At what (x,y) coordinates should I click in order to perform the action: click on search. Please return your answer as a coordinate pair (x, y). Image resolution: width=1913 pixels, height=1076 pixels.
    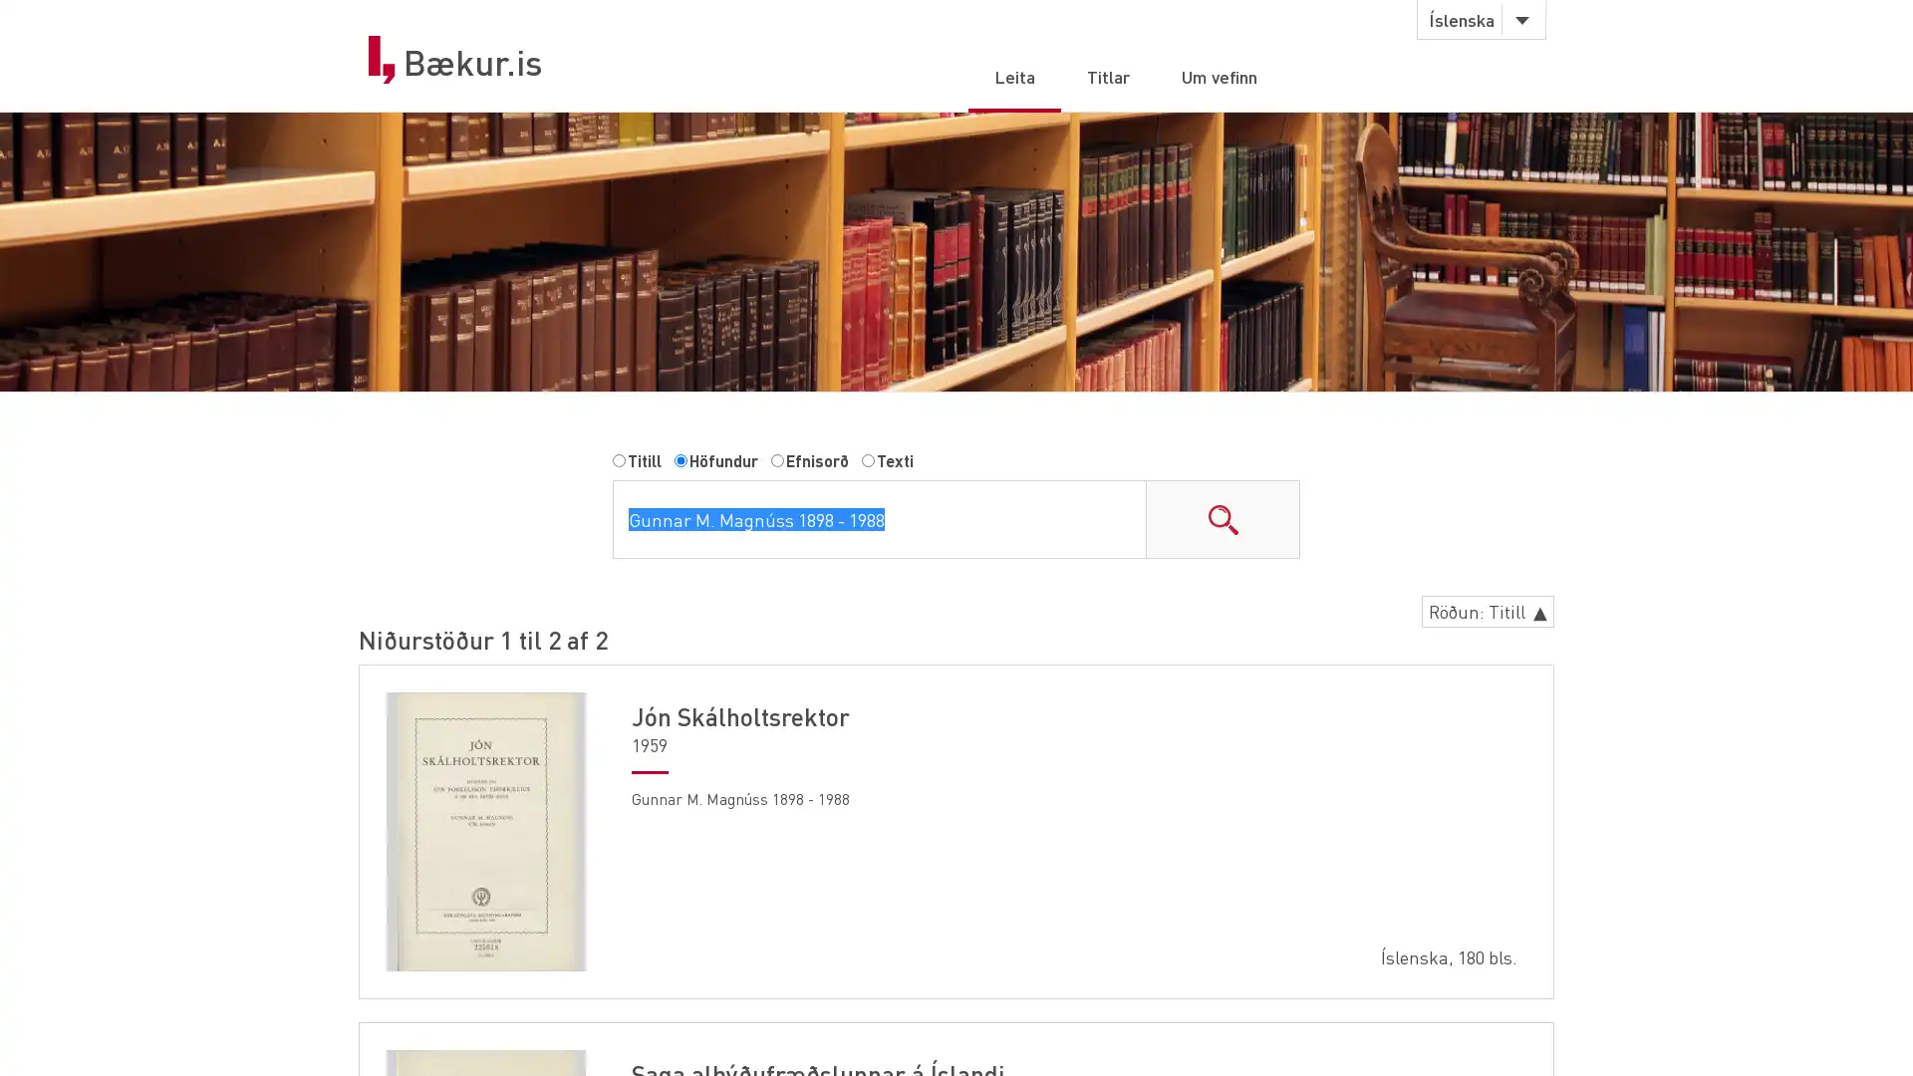
    Looking at the image, I should click on (1222, 518).